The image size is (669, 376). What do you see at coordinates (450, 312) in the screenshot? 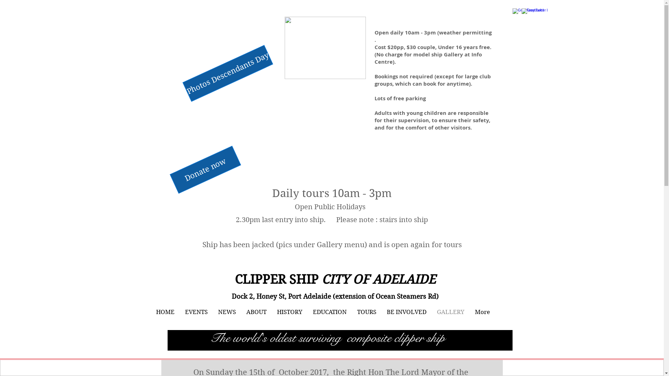
I see `'GALLERY'` at bounding box center [450, 312].